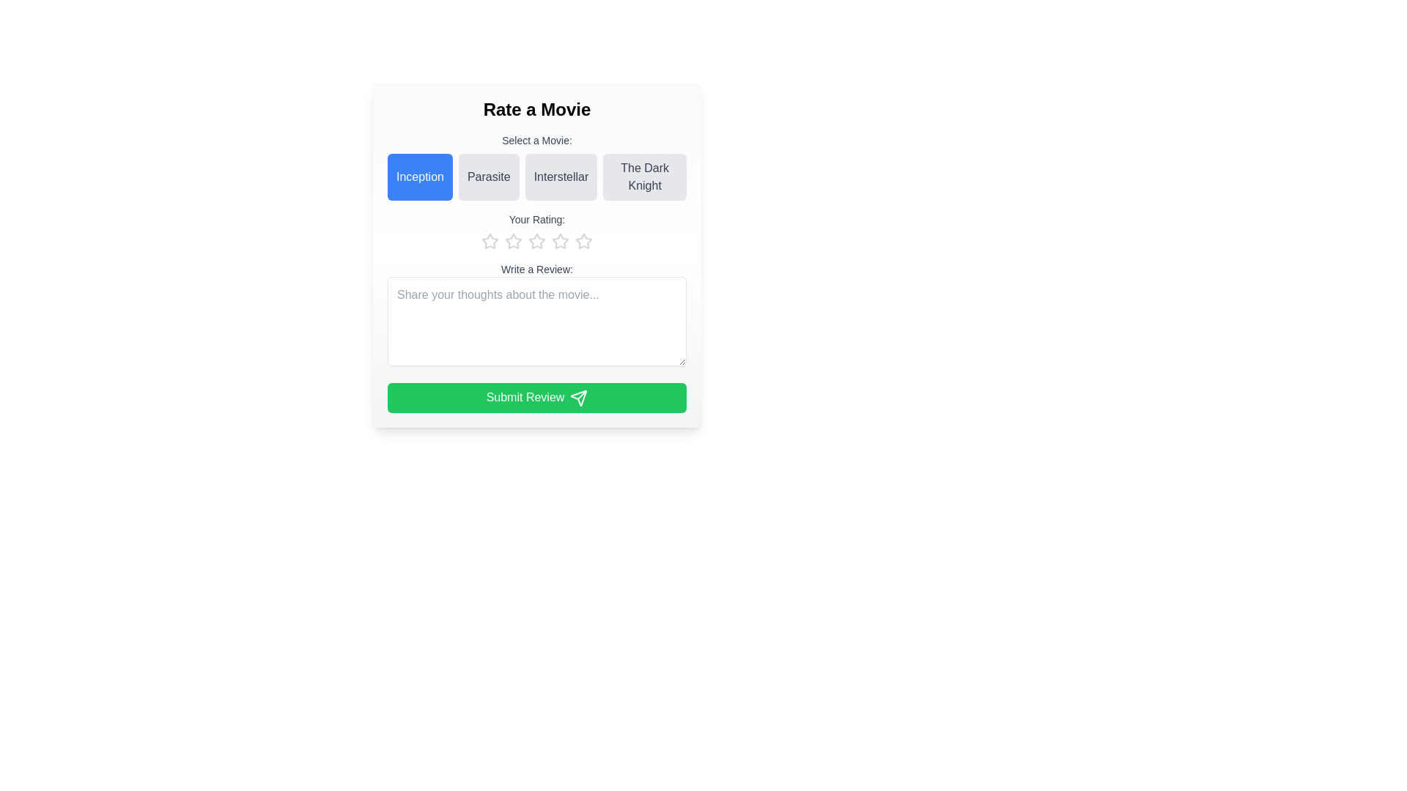 This screenshot has width=1407, height=791. I want to click on the first star-shaped rating icon, which is styled in gray and is part of a series of five stars under the 'Your Rating' label, so click(490, 241).